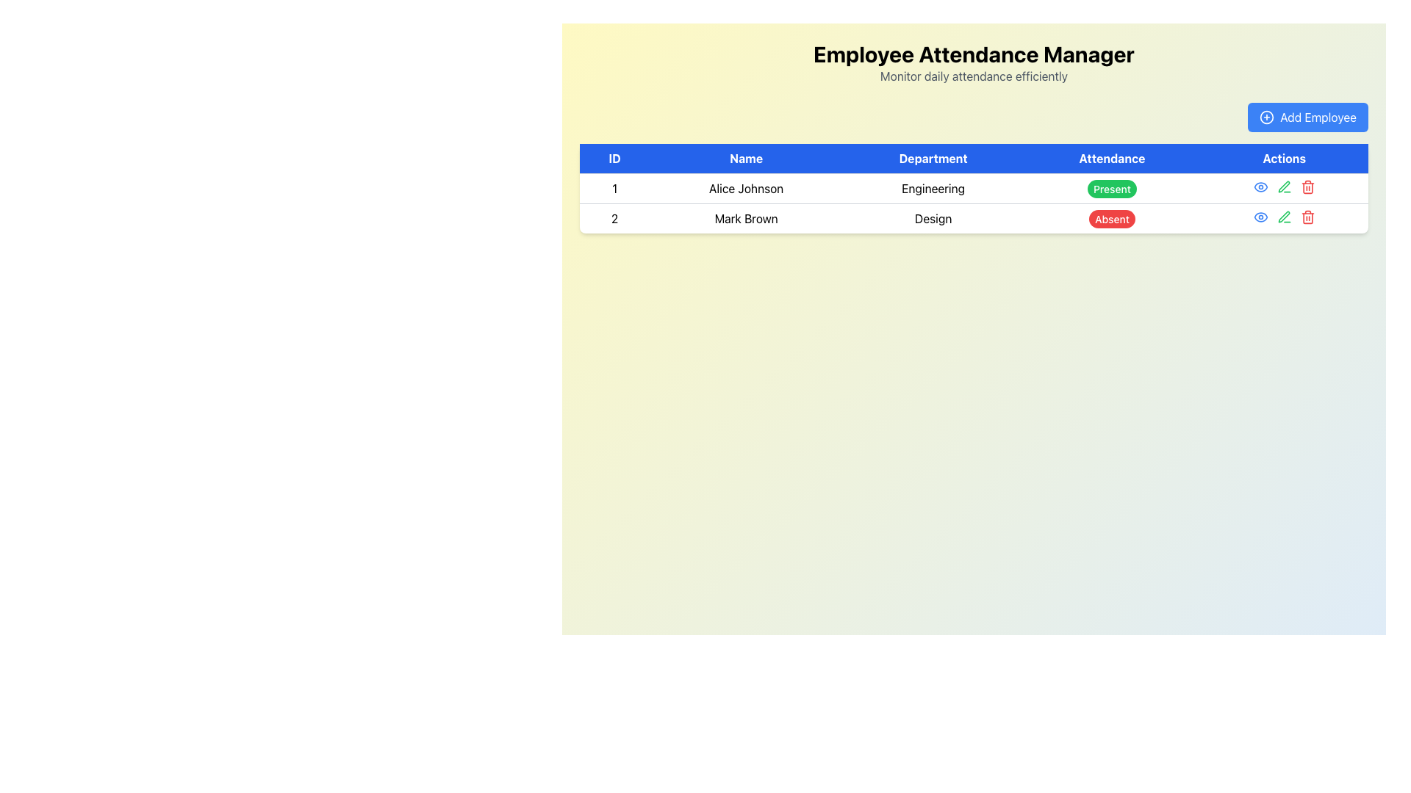 The width and height of the screenshot is (1411, 793). I want to click on the Trash Bin icon, which is the second icon under the 'Actions' column in the second row of the table for 'Mark Brown' in the 'Employee Attendance Manager' application, so click(1307, 187).